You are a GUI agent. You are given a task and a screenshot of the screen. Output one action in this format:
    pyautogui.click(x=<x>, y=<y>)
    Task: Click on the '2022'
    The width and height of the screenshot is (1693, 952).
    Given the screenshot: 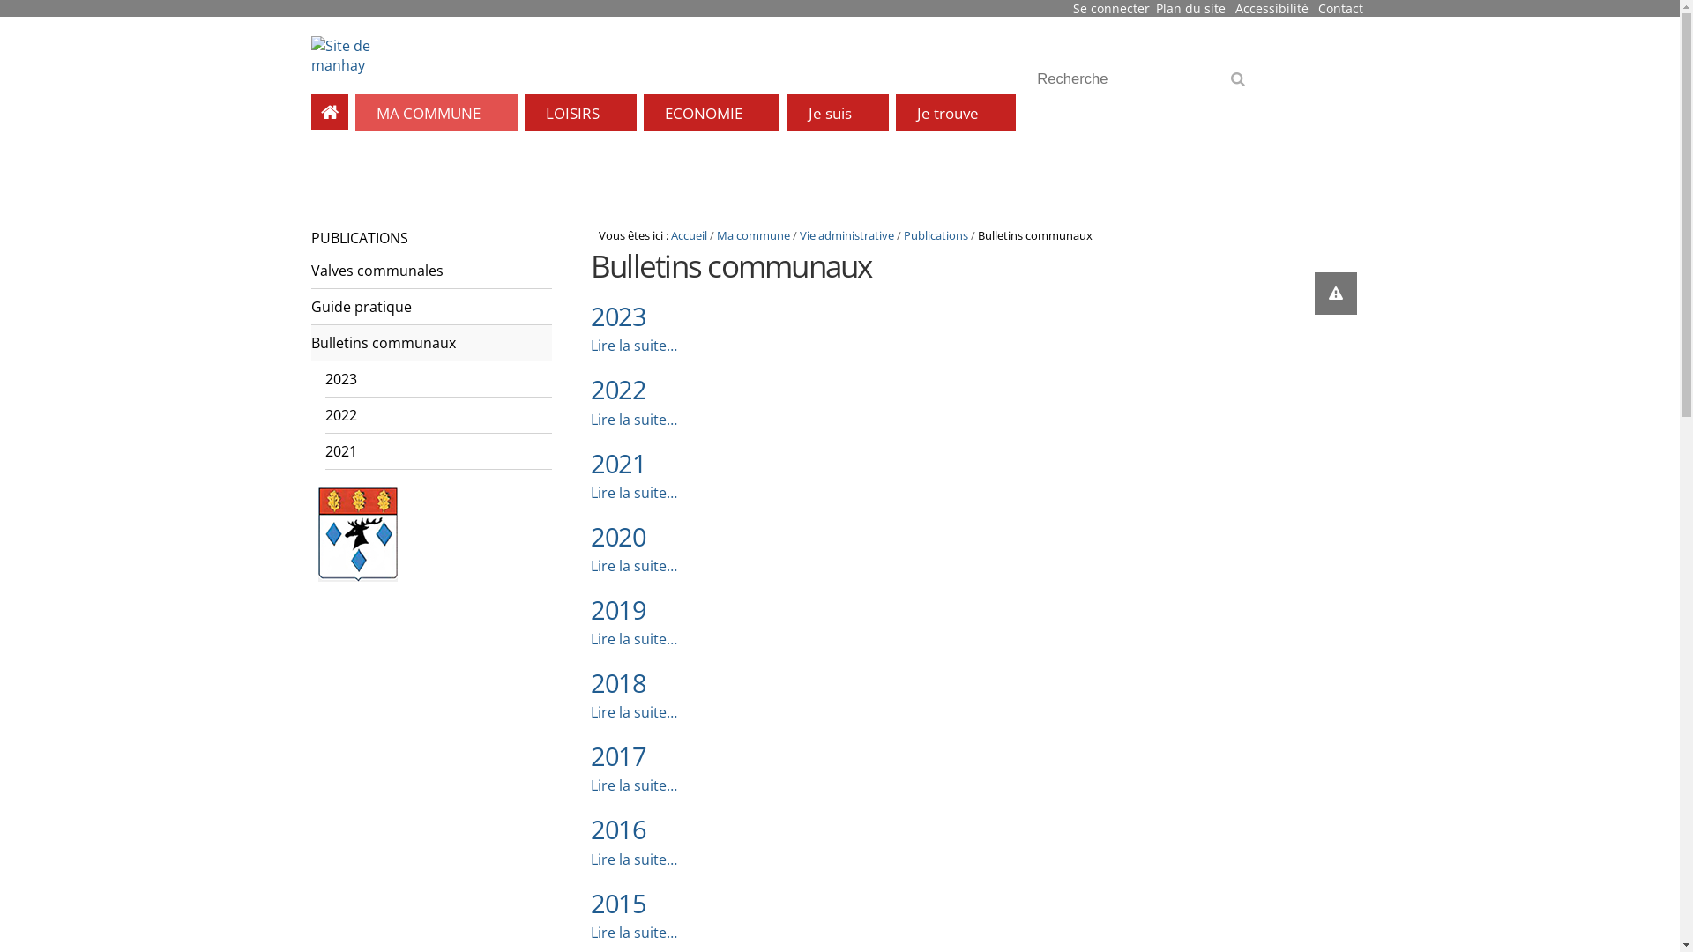 What is the action you would take?
    pyautogui.click(x=617, y=388)
    